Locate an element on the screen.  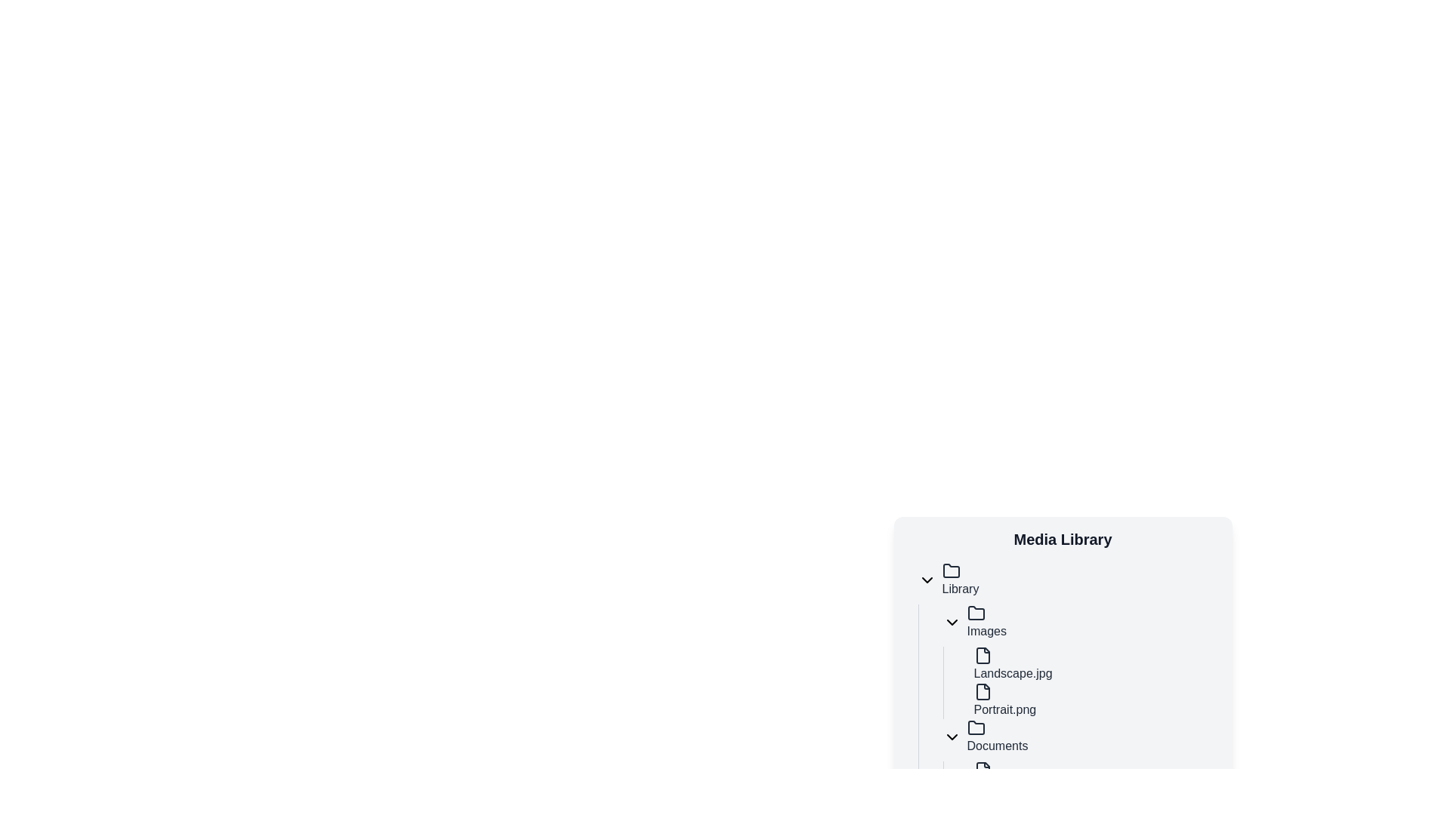
the file icon representing 'Landscape.jpg' is located at coordinates (983, 654).